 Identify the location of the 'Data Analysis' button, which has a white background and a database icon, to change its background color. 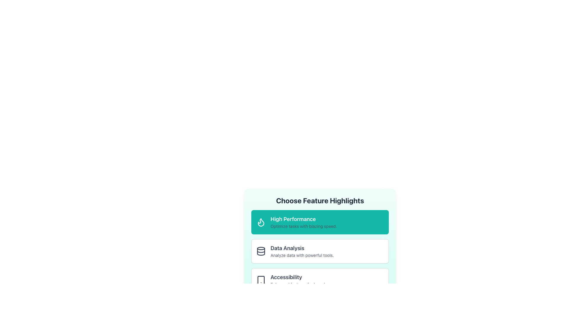
(320, 251).